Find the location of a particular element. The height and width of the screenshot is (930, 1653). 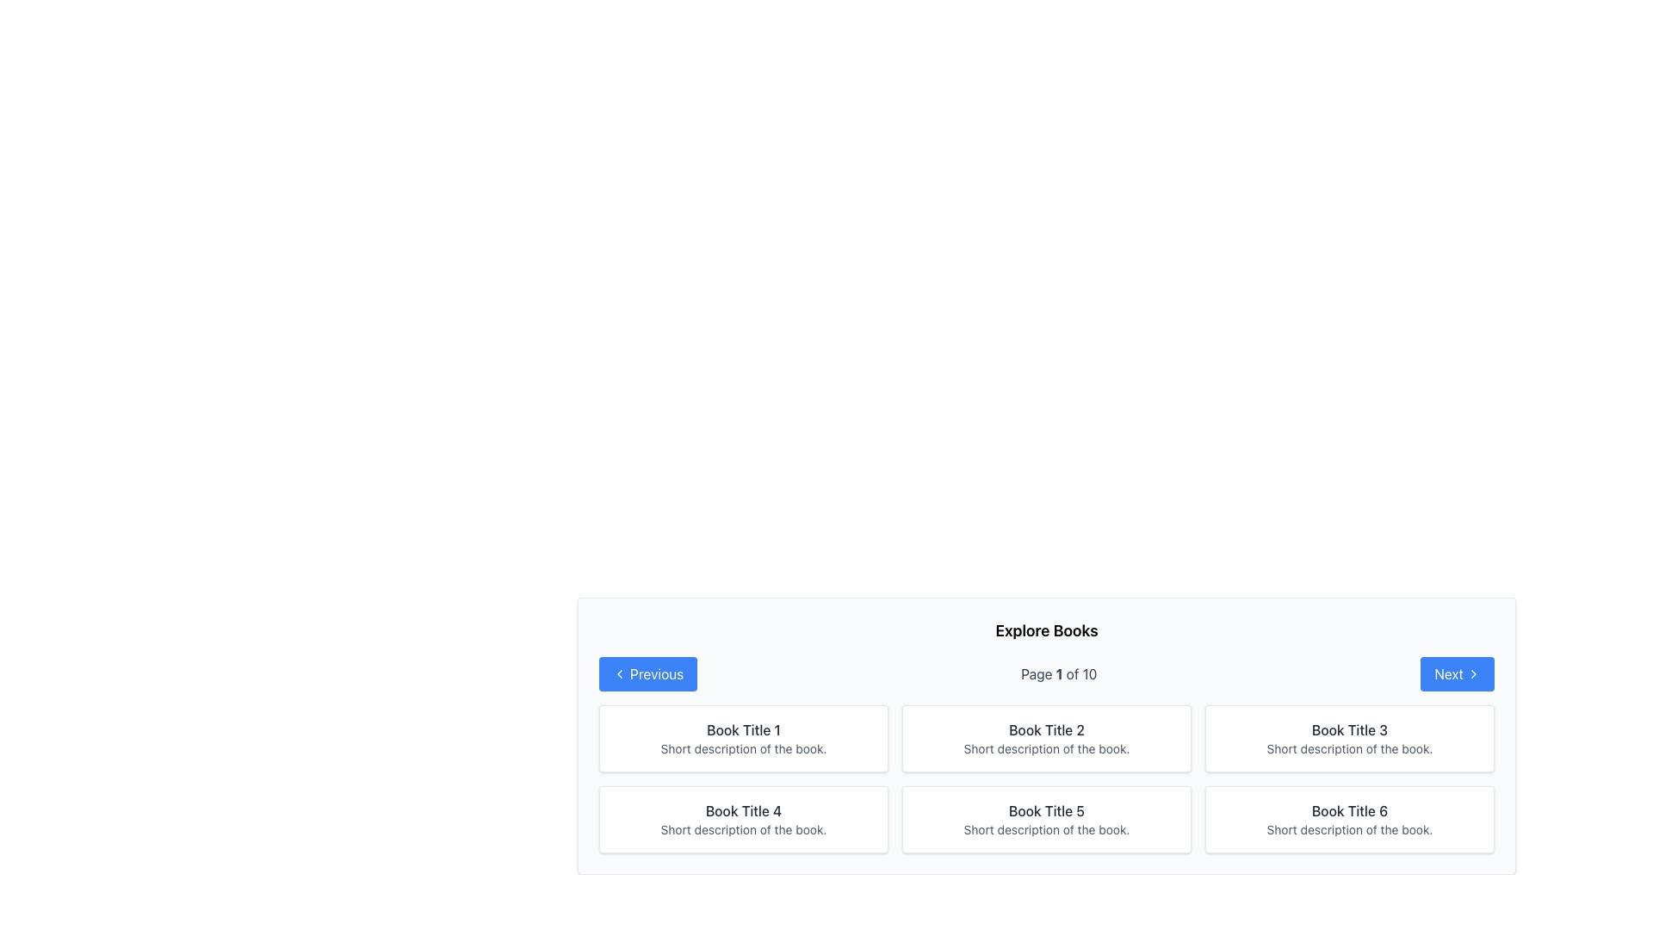

the blue 'Next' button on the pagination bar is located at coordinates (1457, 673).